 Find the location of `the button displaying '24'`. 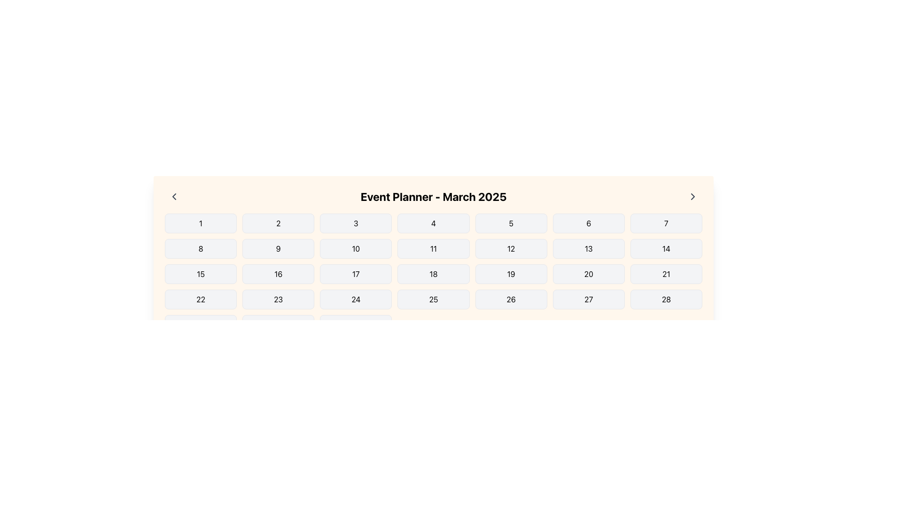

the button displaying '24' is located at coordinates (355, 299).